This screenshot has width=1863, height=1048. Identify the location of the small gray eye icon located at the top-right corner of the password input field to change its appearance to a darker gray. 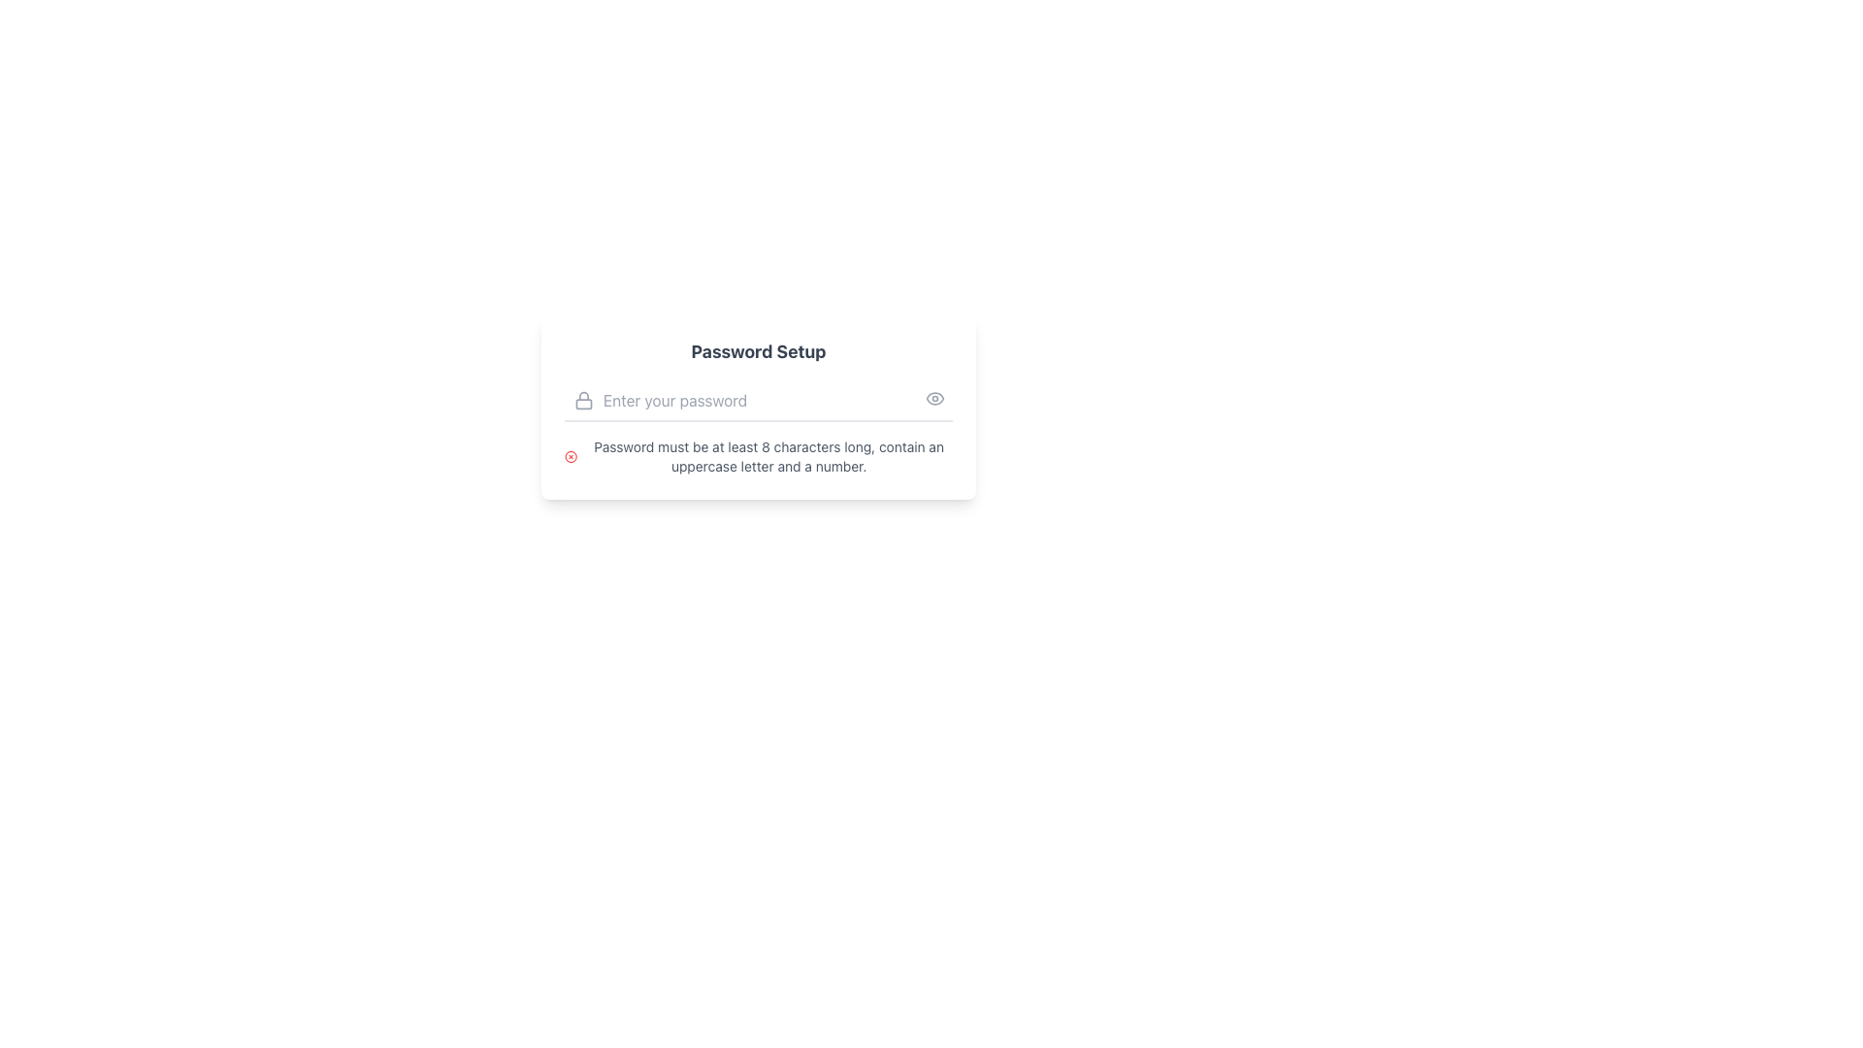
(935, 398).